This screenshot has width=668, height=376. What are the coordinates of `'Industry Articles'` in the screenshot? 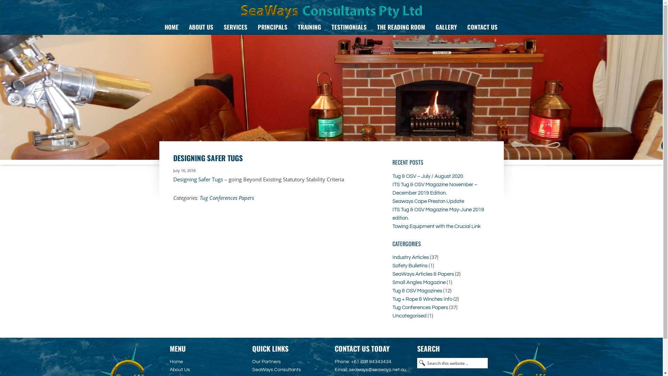 It's located at (411, 257).